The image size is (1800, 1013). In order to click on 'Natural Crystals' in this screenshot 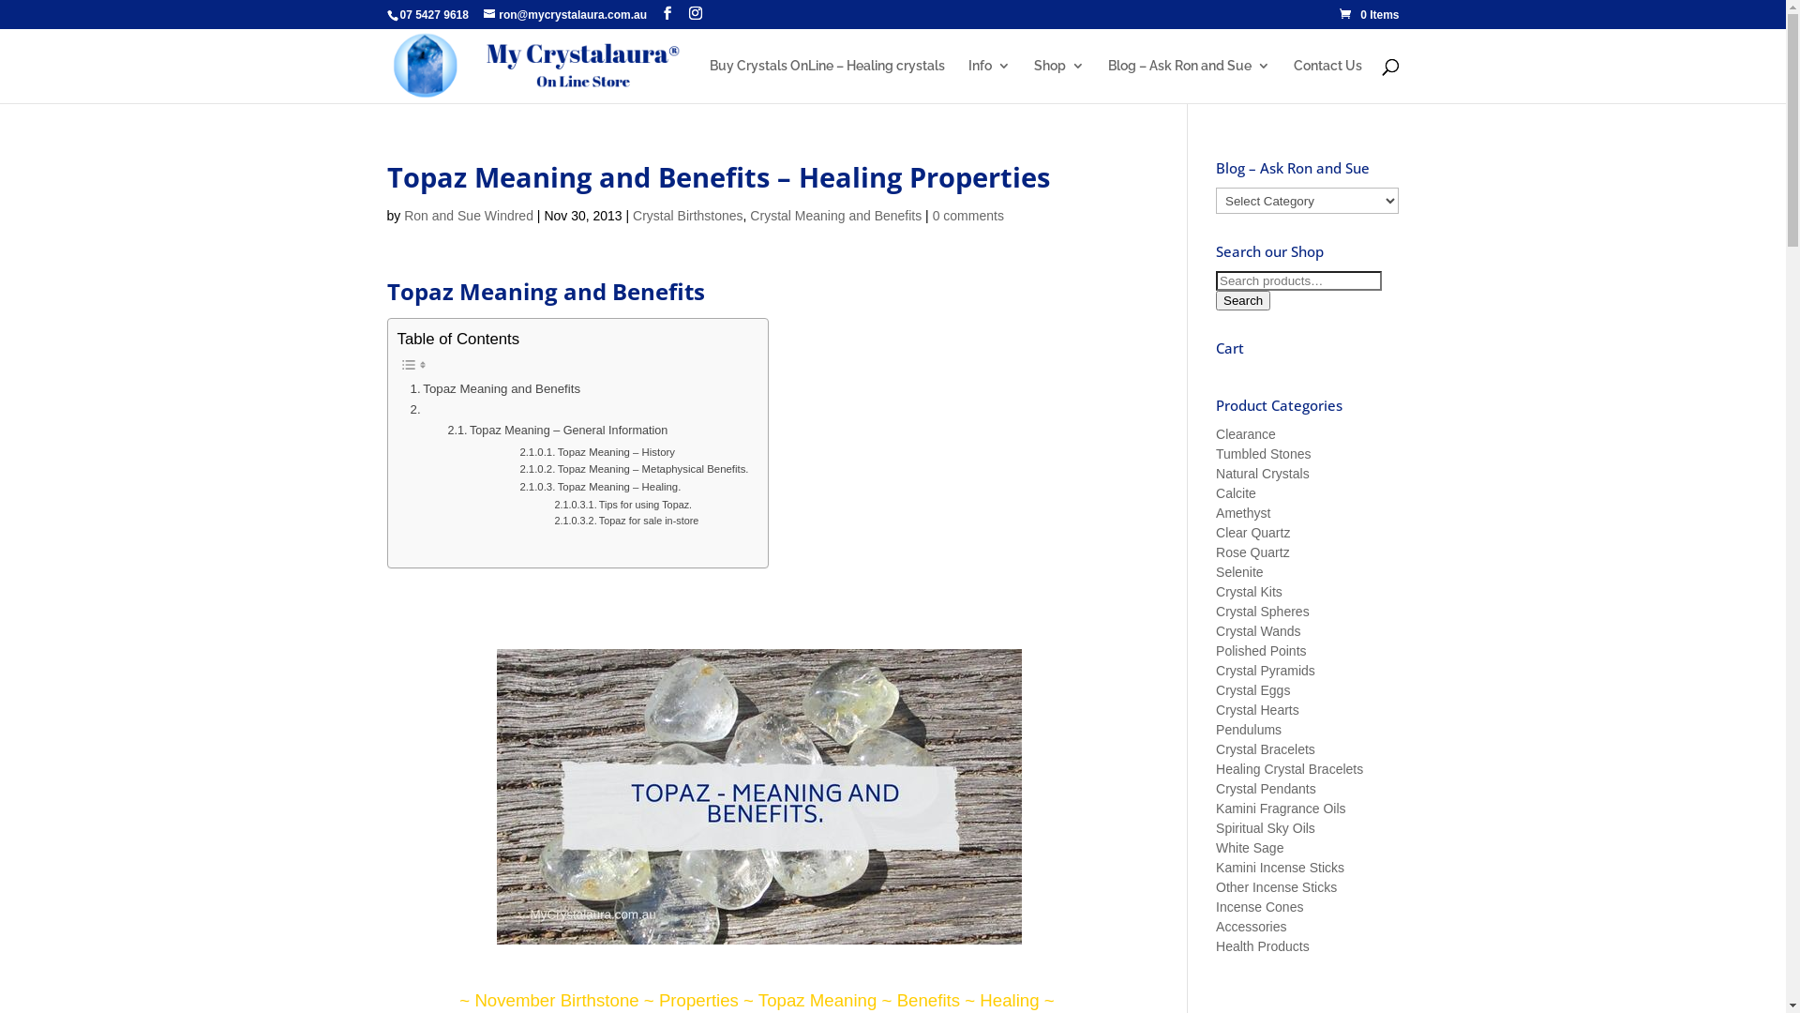, I will do `click(1263, 473)`.